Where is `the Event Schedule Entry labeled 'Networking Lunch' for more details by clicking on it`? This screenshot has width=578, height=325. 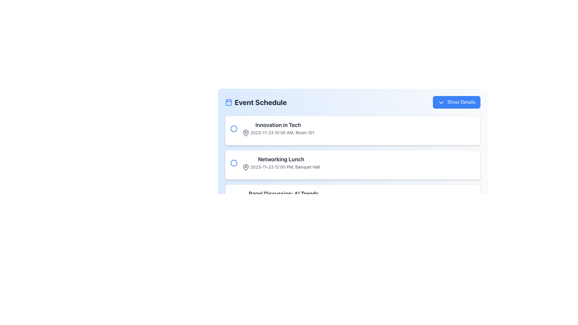 the Event Schedule Entry labeled 'Networking Lunch' for more details by clicking on it is located at coordinates (353, 154).